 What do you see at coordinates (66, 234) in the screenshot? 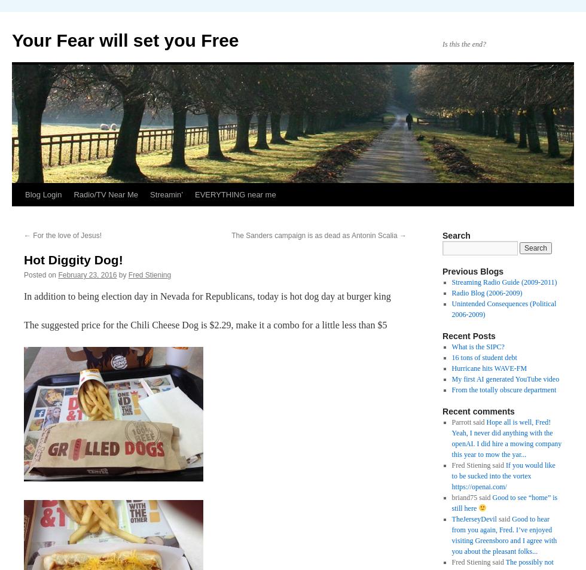
I see `'For the love of Jesus!'` at bounding box center [66, 234].